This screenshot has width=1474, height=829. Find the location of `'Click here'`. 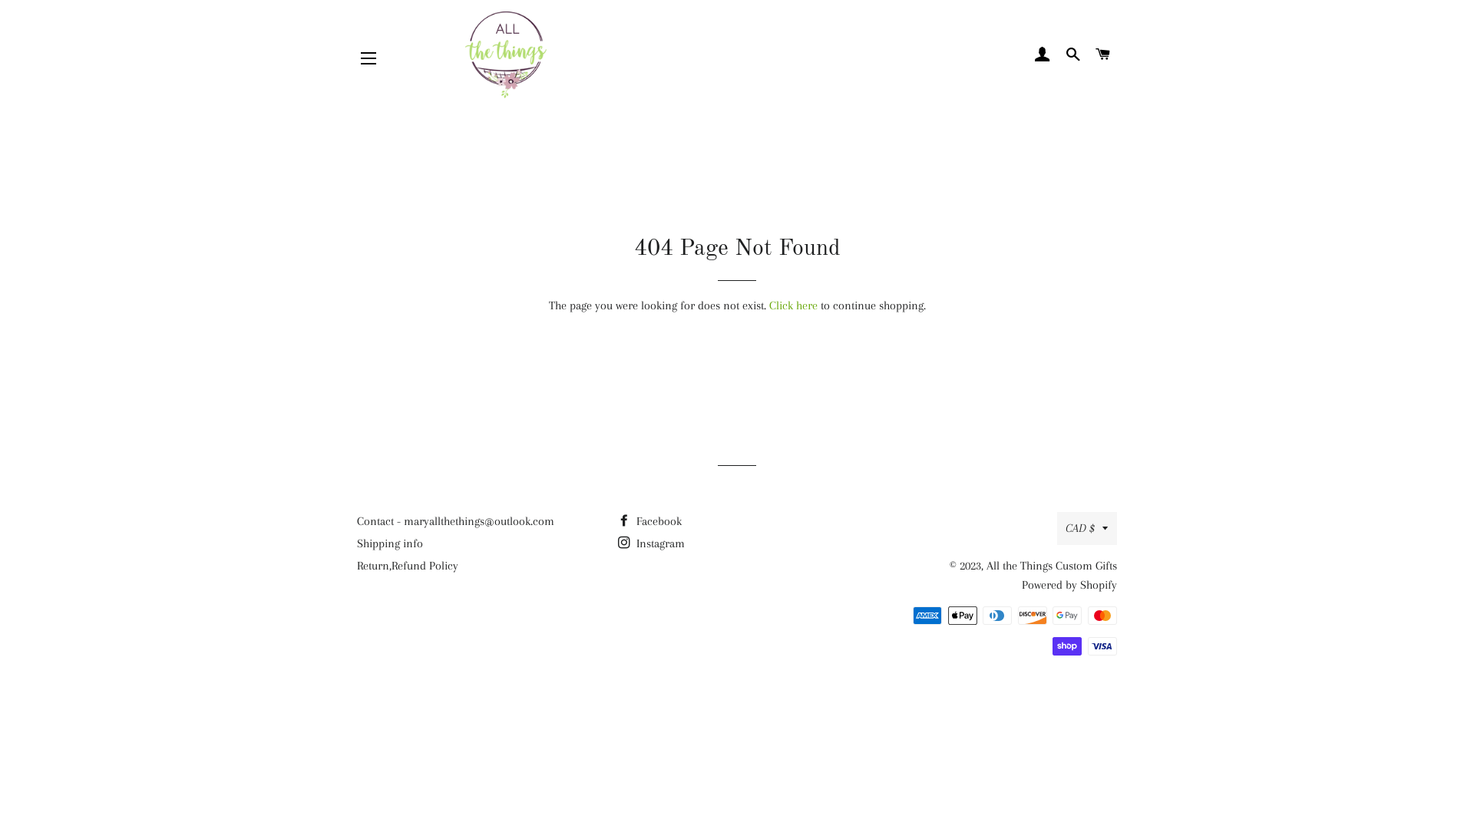

'Click here' is located at coordinates (793, 305).